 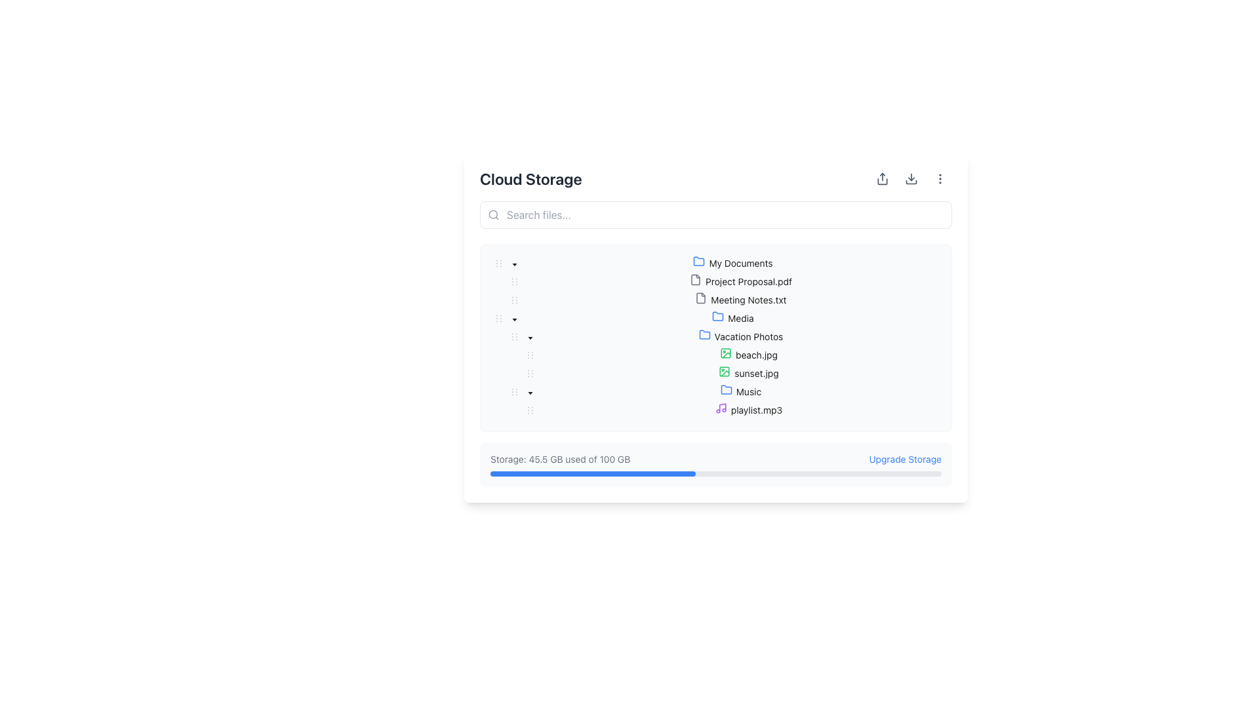 I want to click on the text label displaying 'Meeting Notes.txt', so click(x=740, y=300).